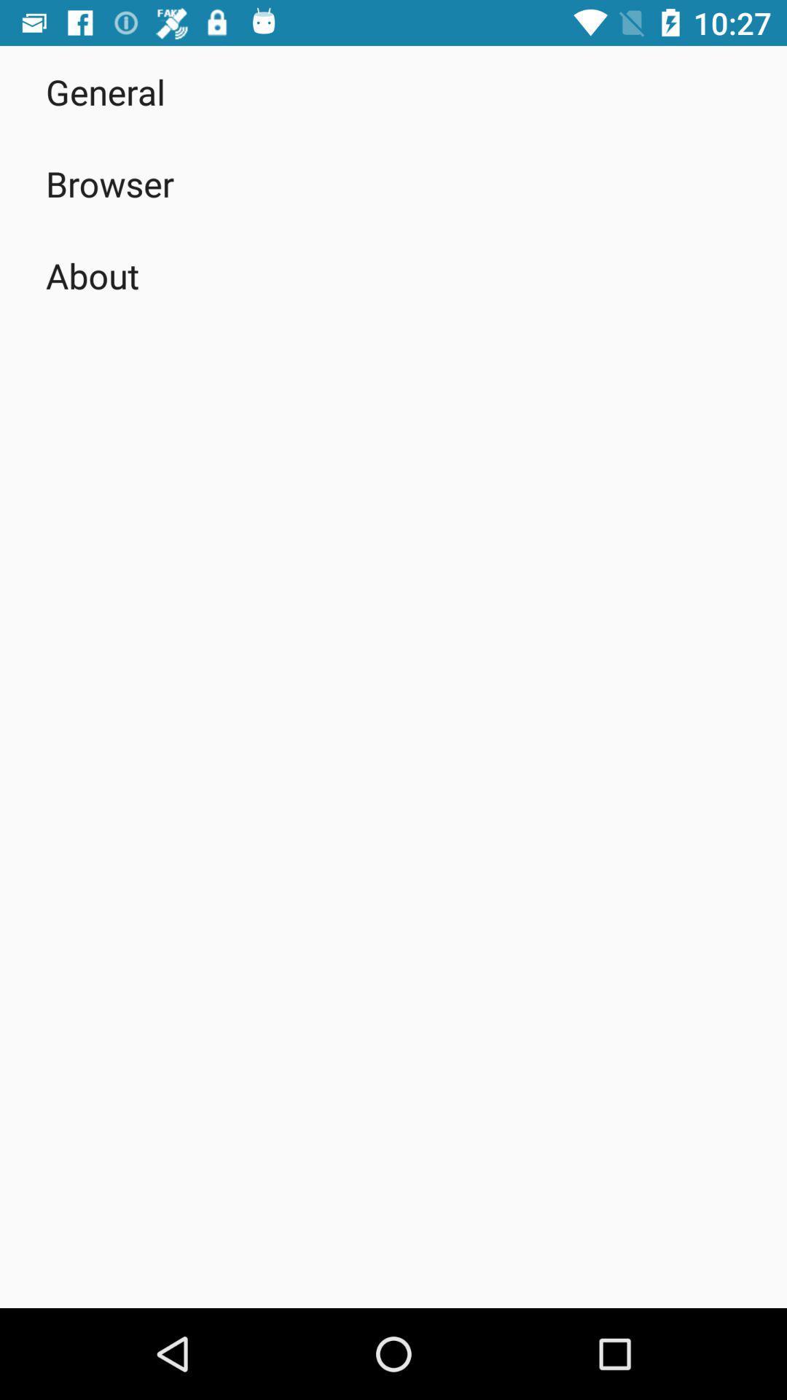 This screenshot has height=1400, width=787. I want to click on the icon above the about app, so click(109, 183).